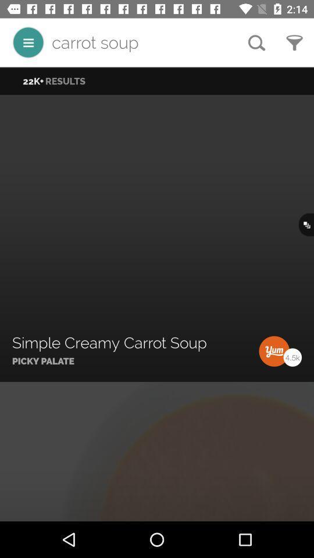 The image size is (314, 558). I want to click on icon next to the carrot soup, so click(256, 42).